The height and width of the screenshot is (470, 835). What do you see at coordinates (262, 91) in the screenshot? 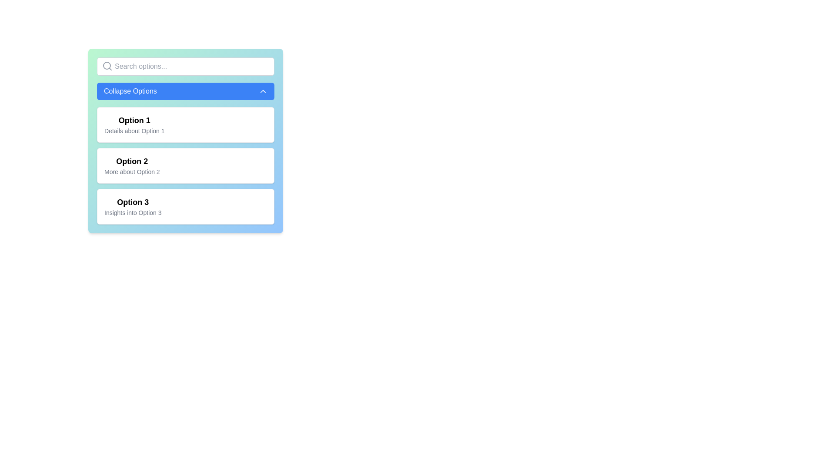
I see `the small upward-pointing chevron icon on the right side of the blue button labeled 'Collapse Options'` at bounding box center [262, 91].